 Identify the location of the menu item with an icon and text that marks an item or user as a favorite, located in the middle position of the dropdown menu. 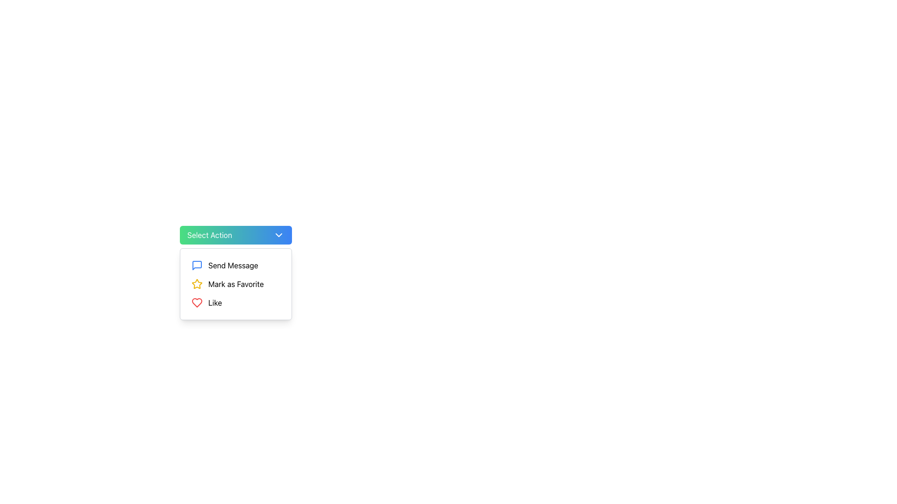
(235, 284).